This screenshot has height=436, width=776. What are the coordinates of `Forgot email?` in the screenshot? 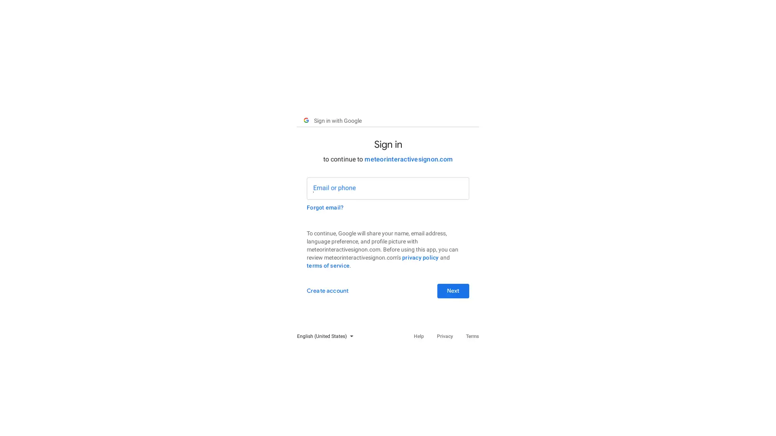 It's located at (332, 212).